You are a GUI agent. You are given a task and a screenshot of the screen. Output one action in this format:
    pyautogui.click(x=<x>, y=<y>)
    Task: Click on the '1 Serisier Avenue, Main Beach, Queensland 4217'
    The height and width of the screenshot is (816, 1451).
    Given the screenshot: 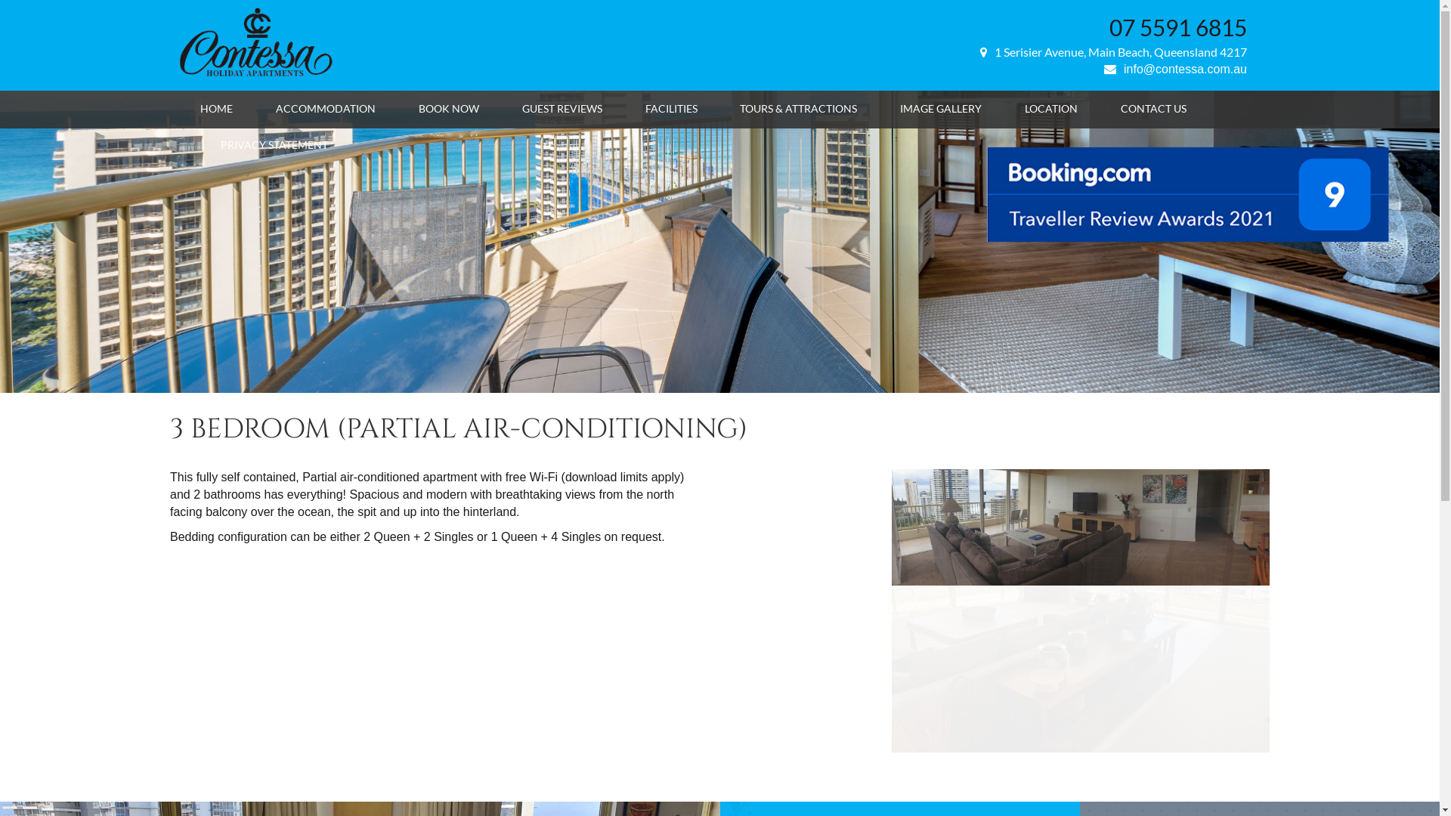 What is the action you would take?
    pyautogui.click(x=1113, y=51)
    